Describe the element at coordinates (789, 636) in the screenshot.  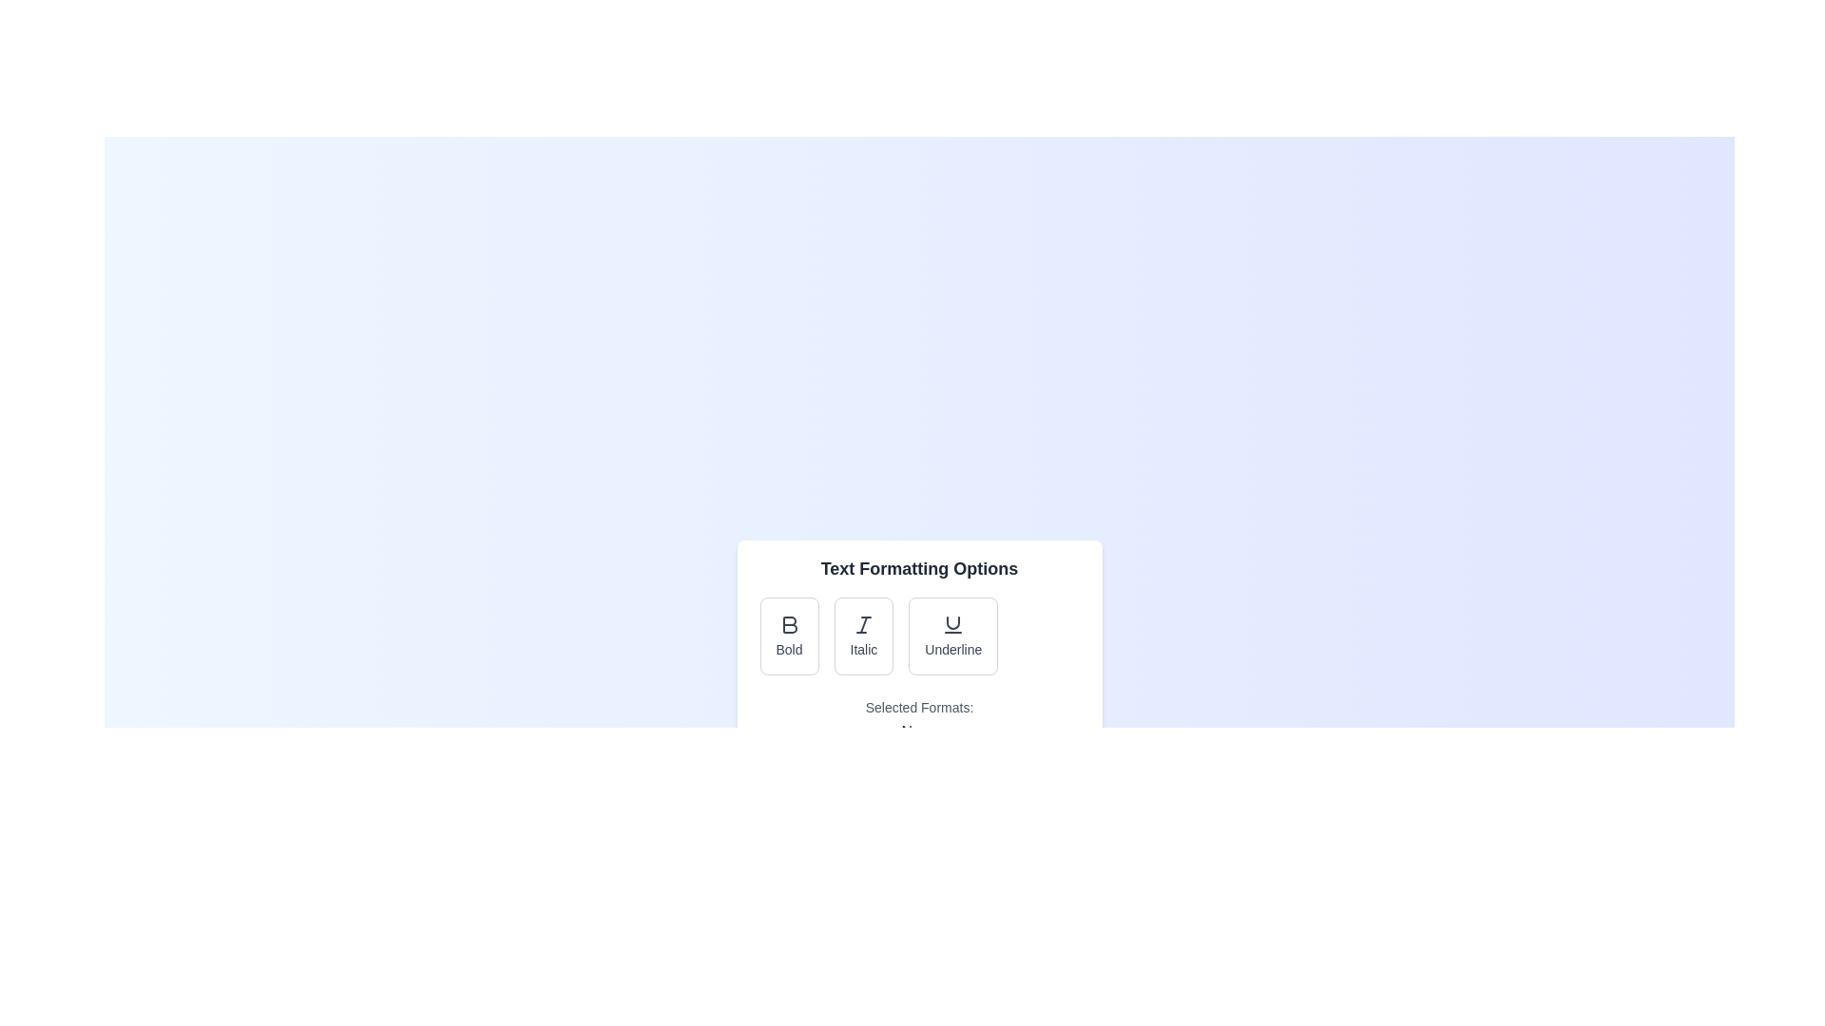
I see `'Bold' button to toggle the bold formatting` at that location.